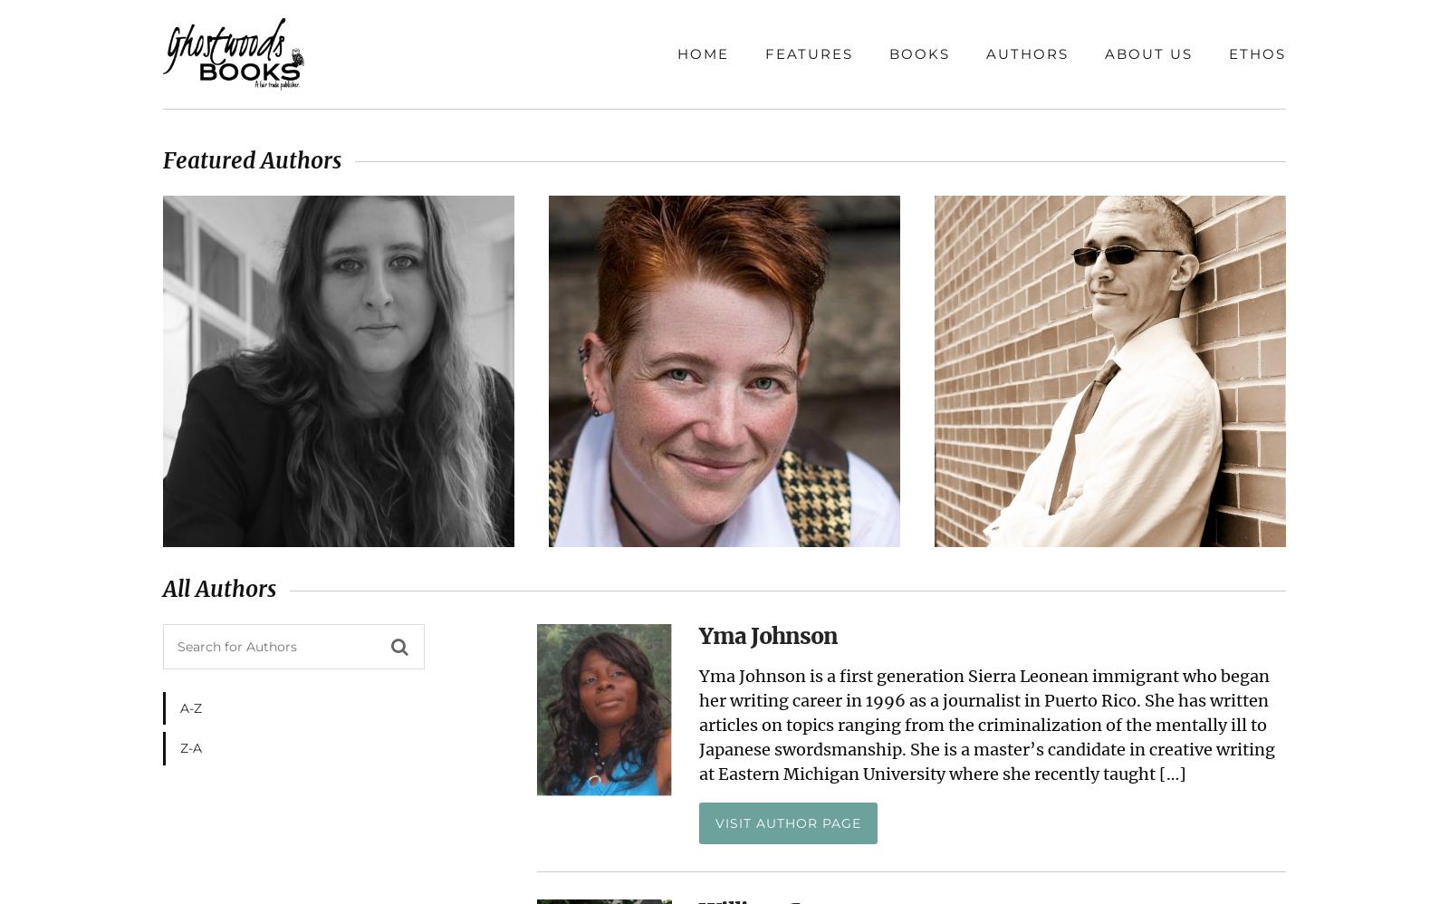  I want to click on 'Featured Authors', so click(252, 159).